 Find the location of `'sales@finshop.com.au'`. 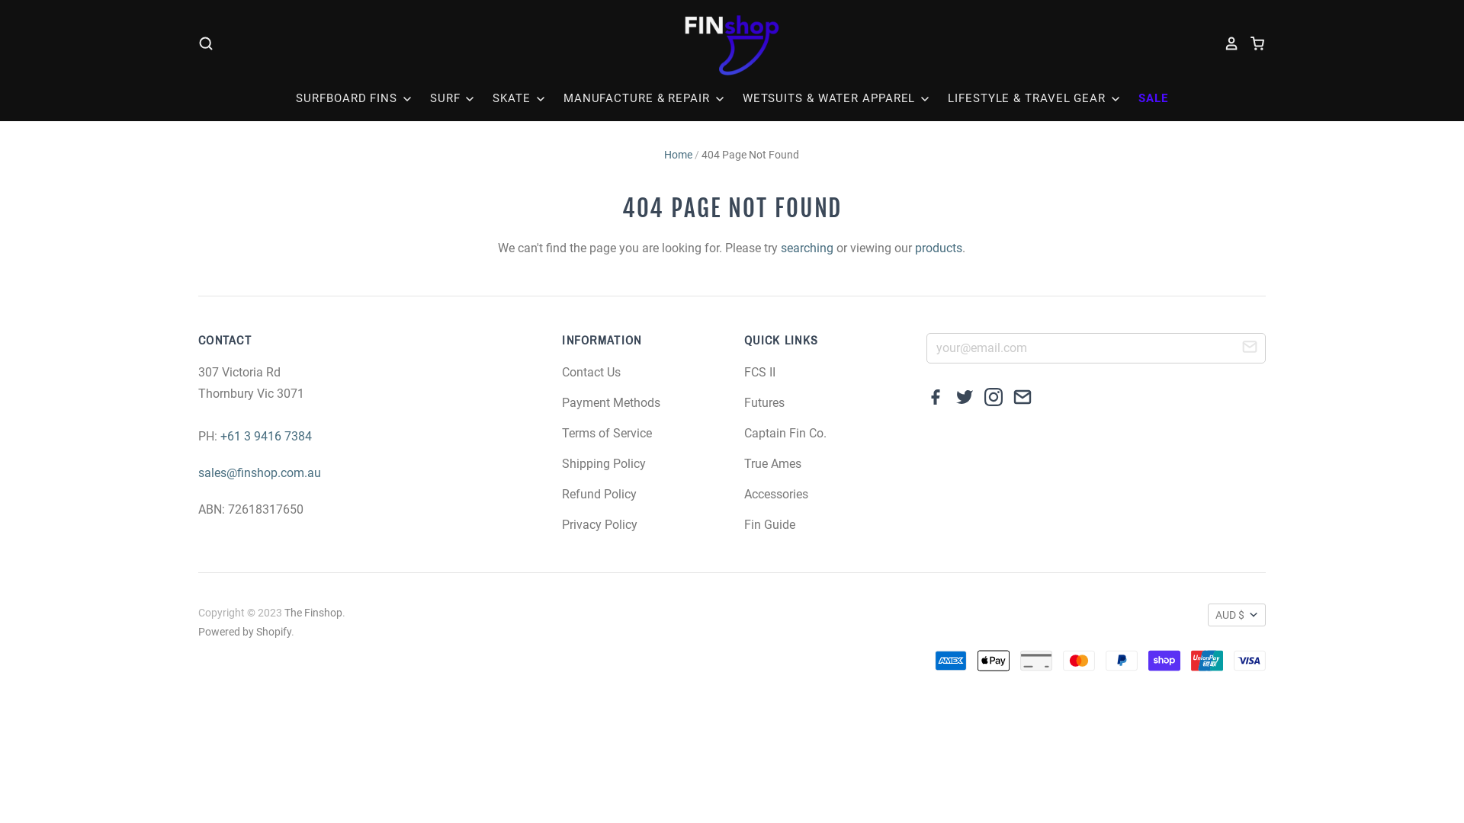

'sales@finshop.com.au' is located at coordinates (259, 472).